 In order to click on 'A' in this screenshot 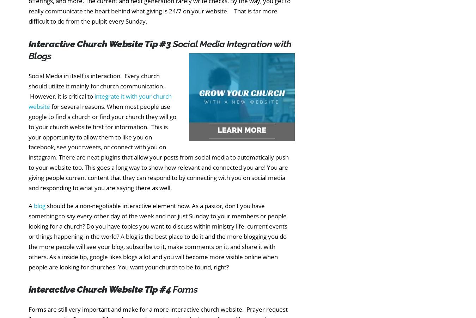, I will do `click(31, 206)`.